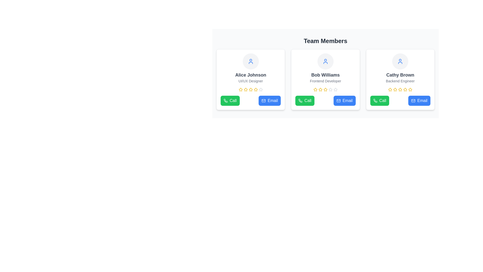  What do you see at coordinates (269, 101) in the screenshot?
I see `the 'Email' button with a blue background and white text, located in the bottom-right corner of the card for 'Alice Johnson', to provide visual feedback` at bounding box center [269, 101].